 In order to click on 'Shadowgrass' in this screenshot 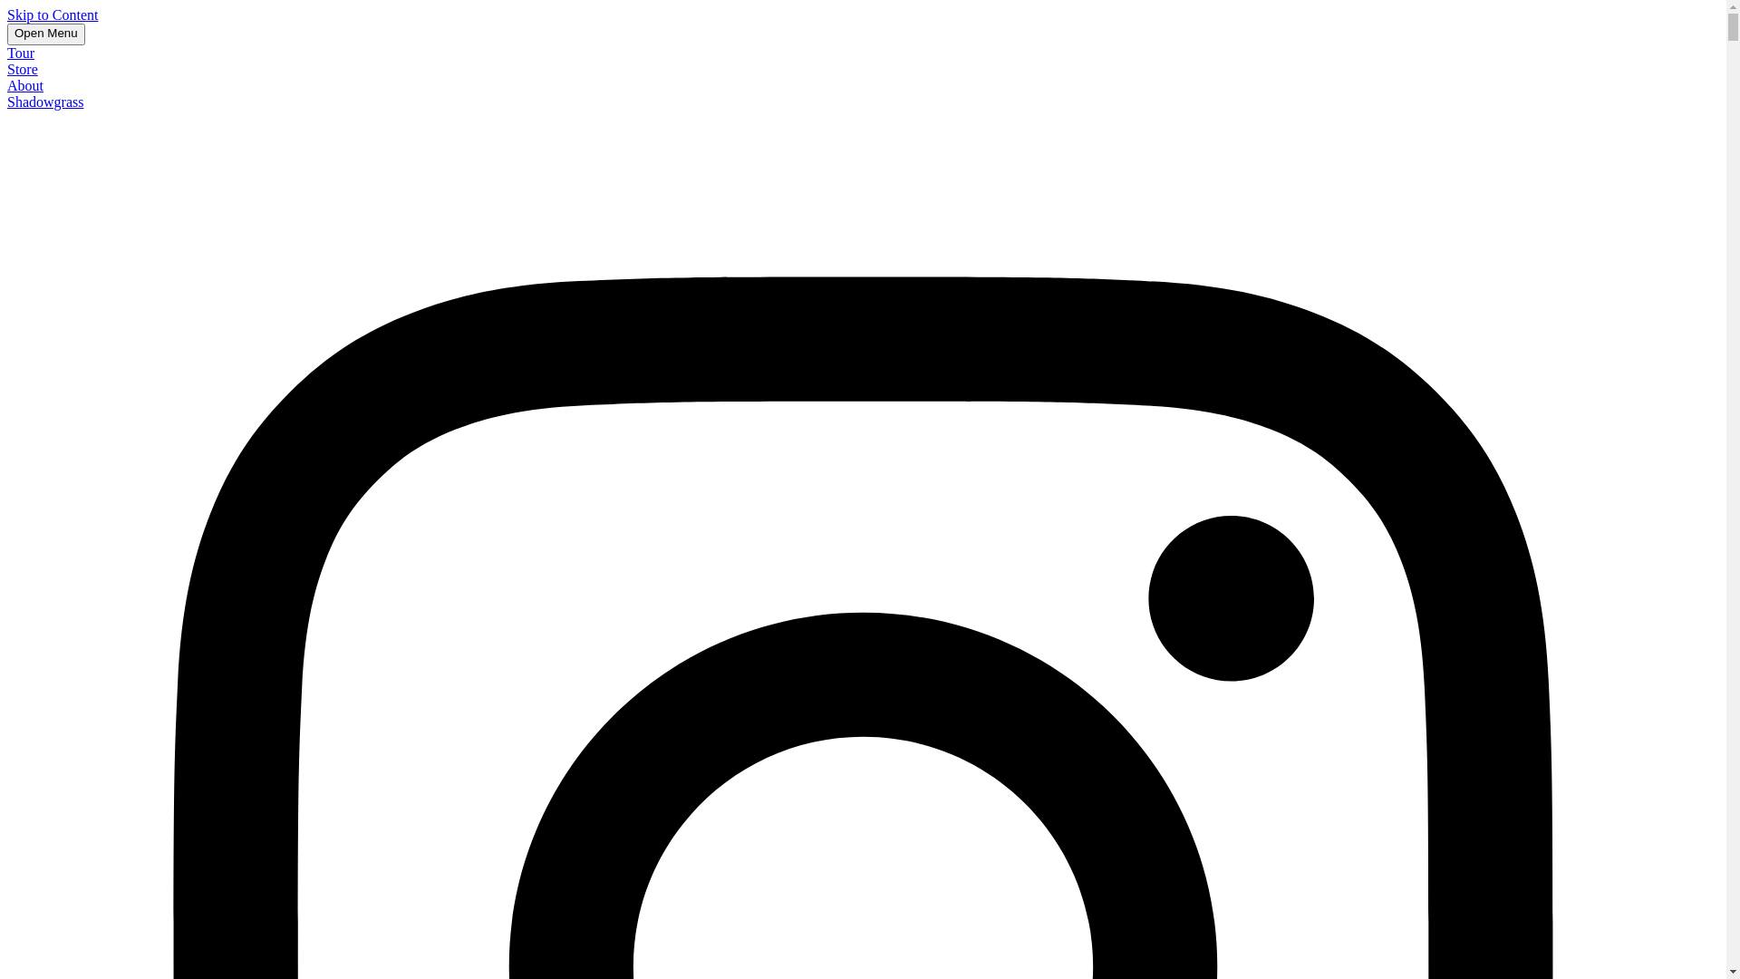, I will do `click(7, 102)`.